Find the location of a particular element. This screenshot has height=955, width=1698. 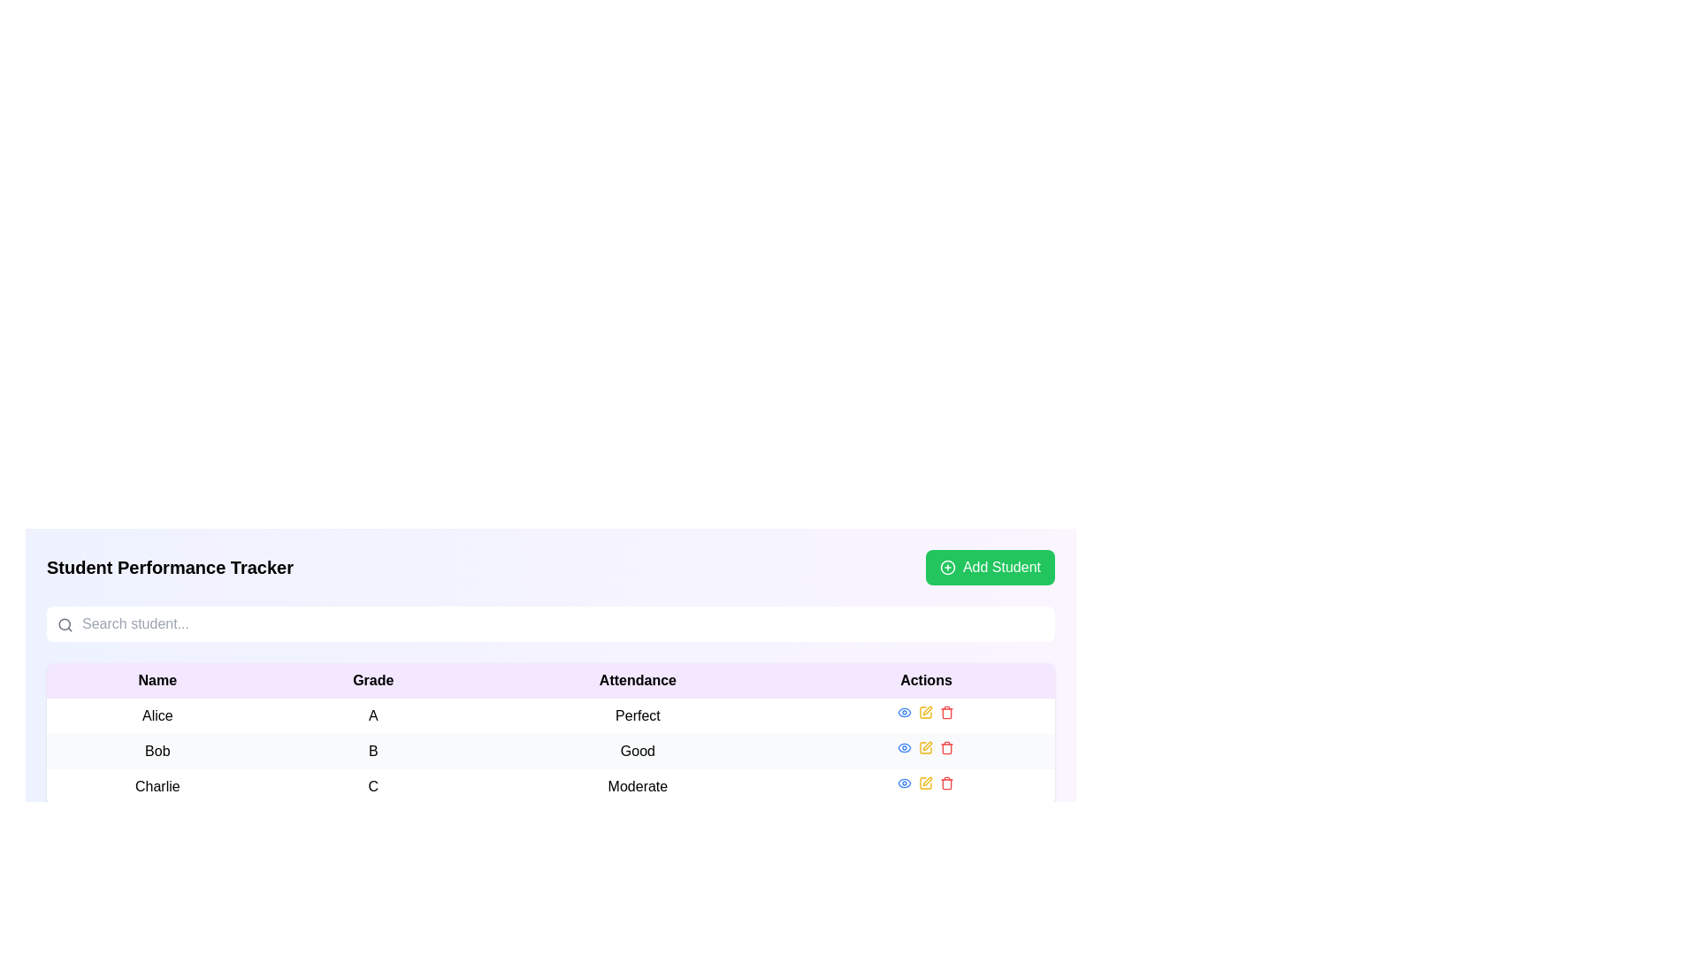

text element displaying the grade 'C' for the student 'Charlie' in the educational tracker, which is located under the 'Grade' column of the table is located at coordinates (372, 786).